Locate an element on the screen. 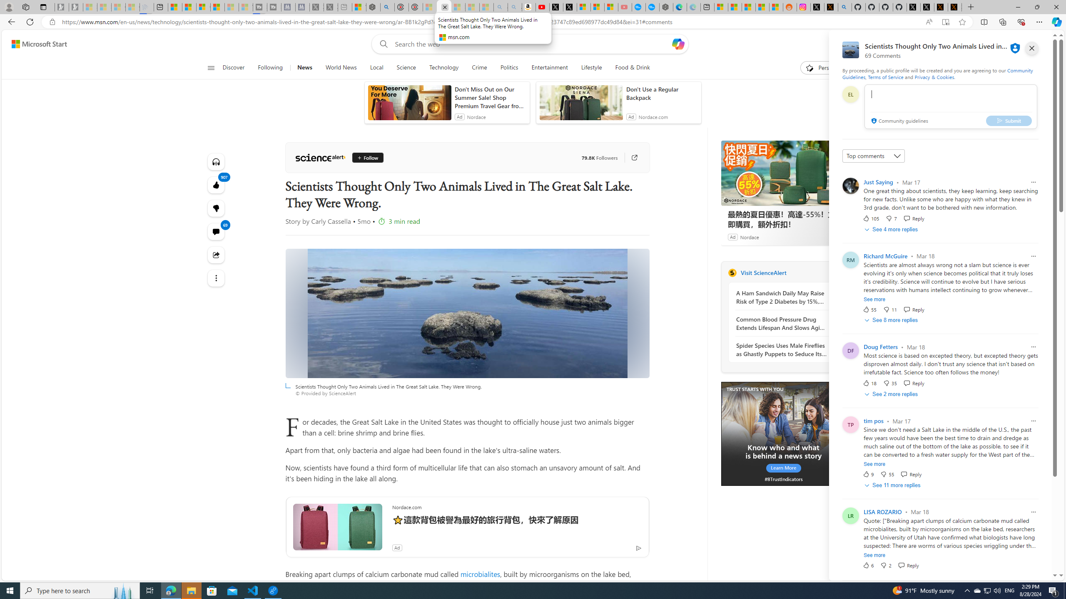 This screenshot has height=599, width=1066. 'Follow' is located at coordinates (367, 158).